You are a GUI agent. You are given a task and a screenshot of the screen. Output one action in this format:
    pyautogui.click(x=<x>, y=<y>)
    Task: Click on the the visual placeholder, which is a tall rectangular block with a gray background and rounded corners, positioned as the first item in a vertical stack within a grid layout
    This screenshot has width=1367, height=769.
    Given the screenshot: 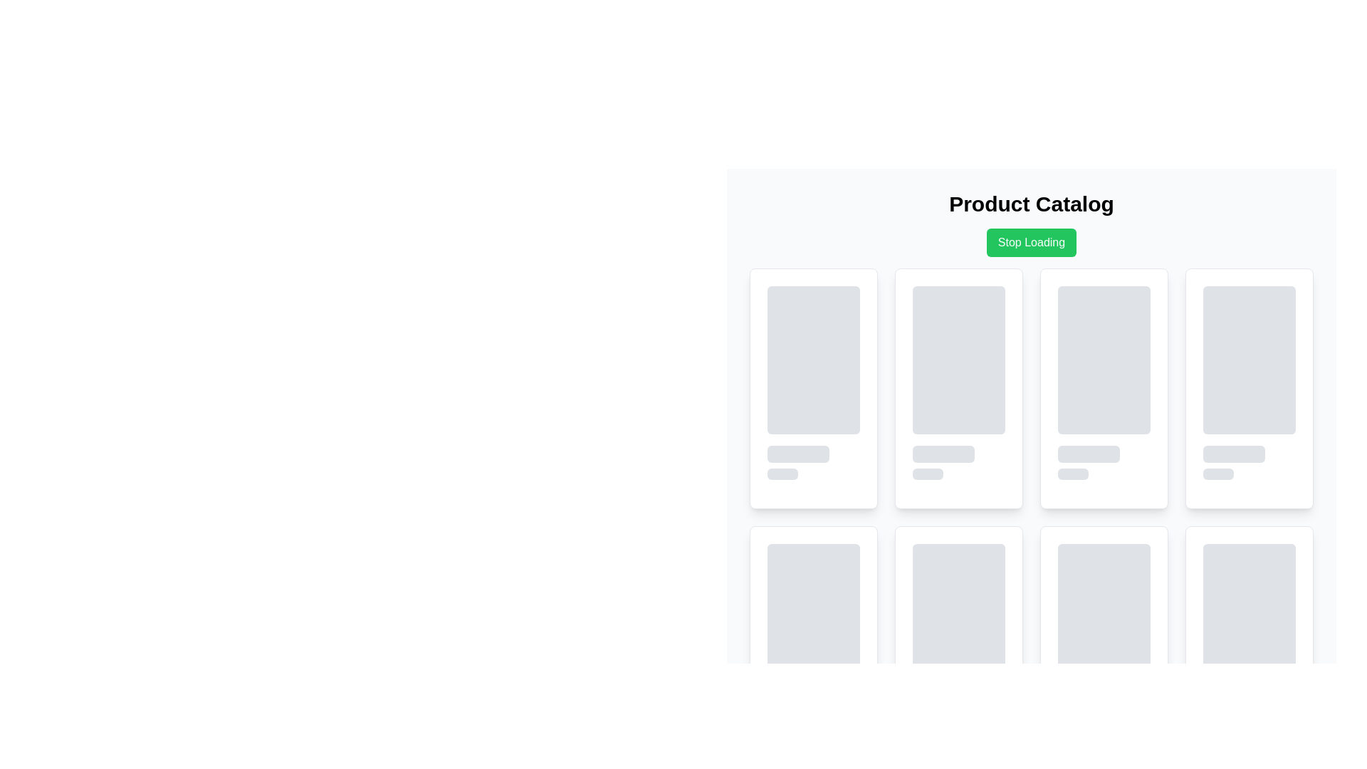 What is the action you would take?
    pyautogui.click(x=959, y=617)
    